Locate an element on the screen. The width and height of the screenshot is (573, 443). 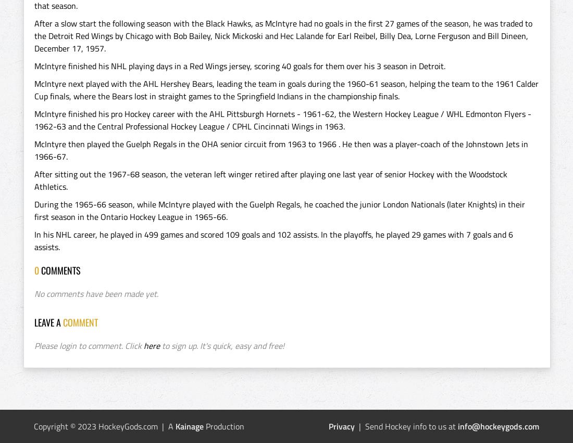
'COMMENTS' is located at coordinates (61, 269).